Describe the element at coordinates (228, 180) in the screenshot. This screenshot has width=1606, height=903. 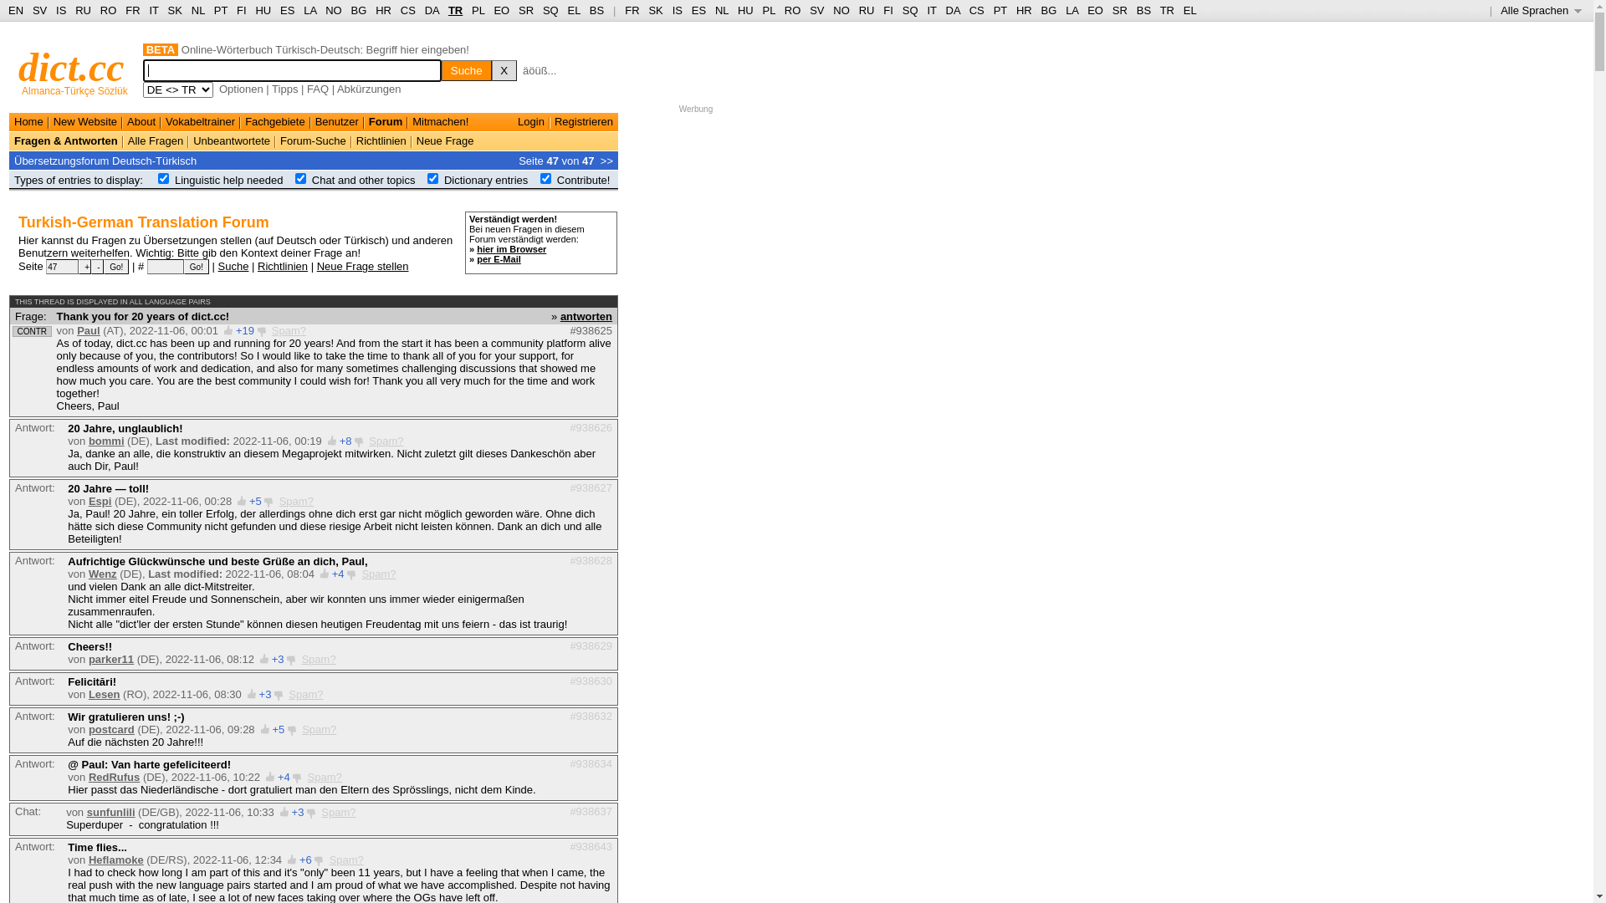
I see `'Linguistic help needed'` at that location.